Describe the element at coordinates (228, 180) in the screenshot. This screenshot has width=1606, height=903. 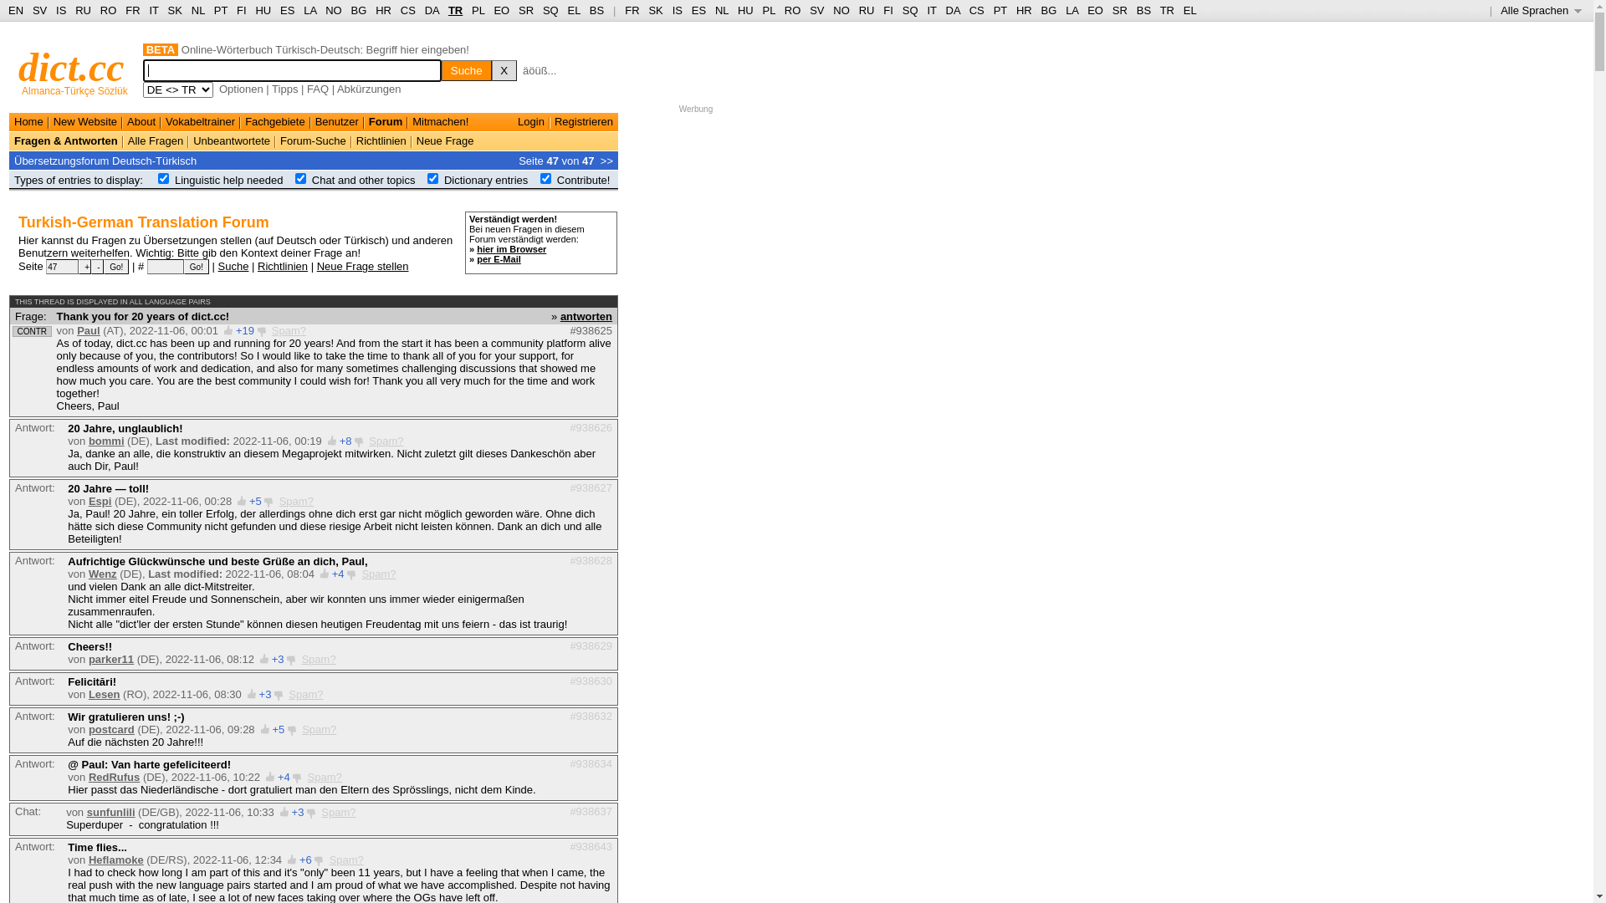
I see `'Linguistic help needed'` at that location.